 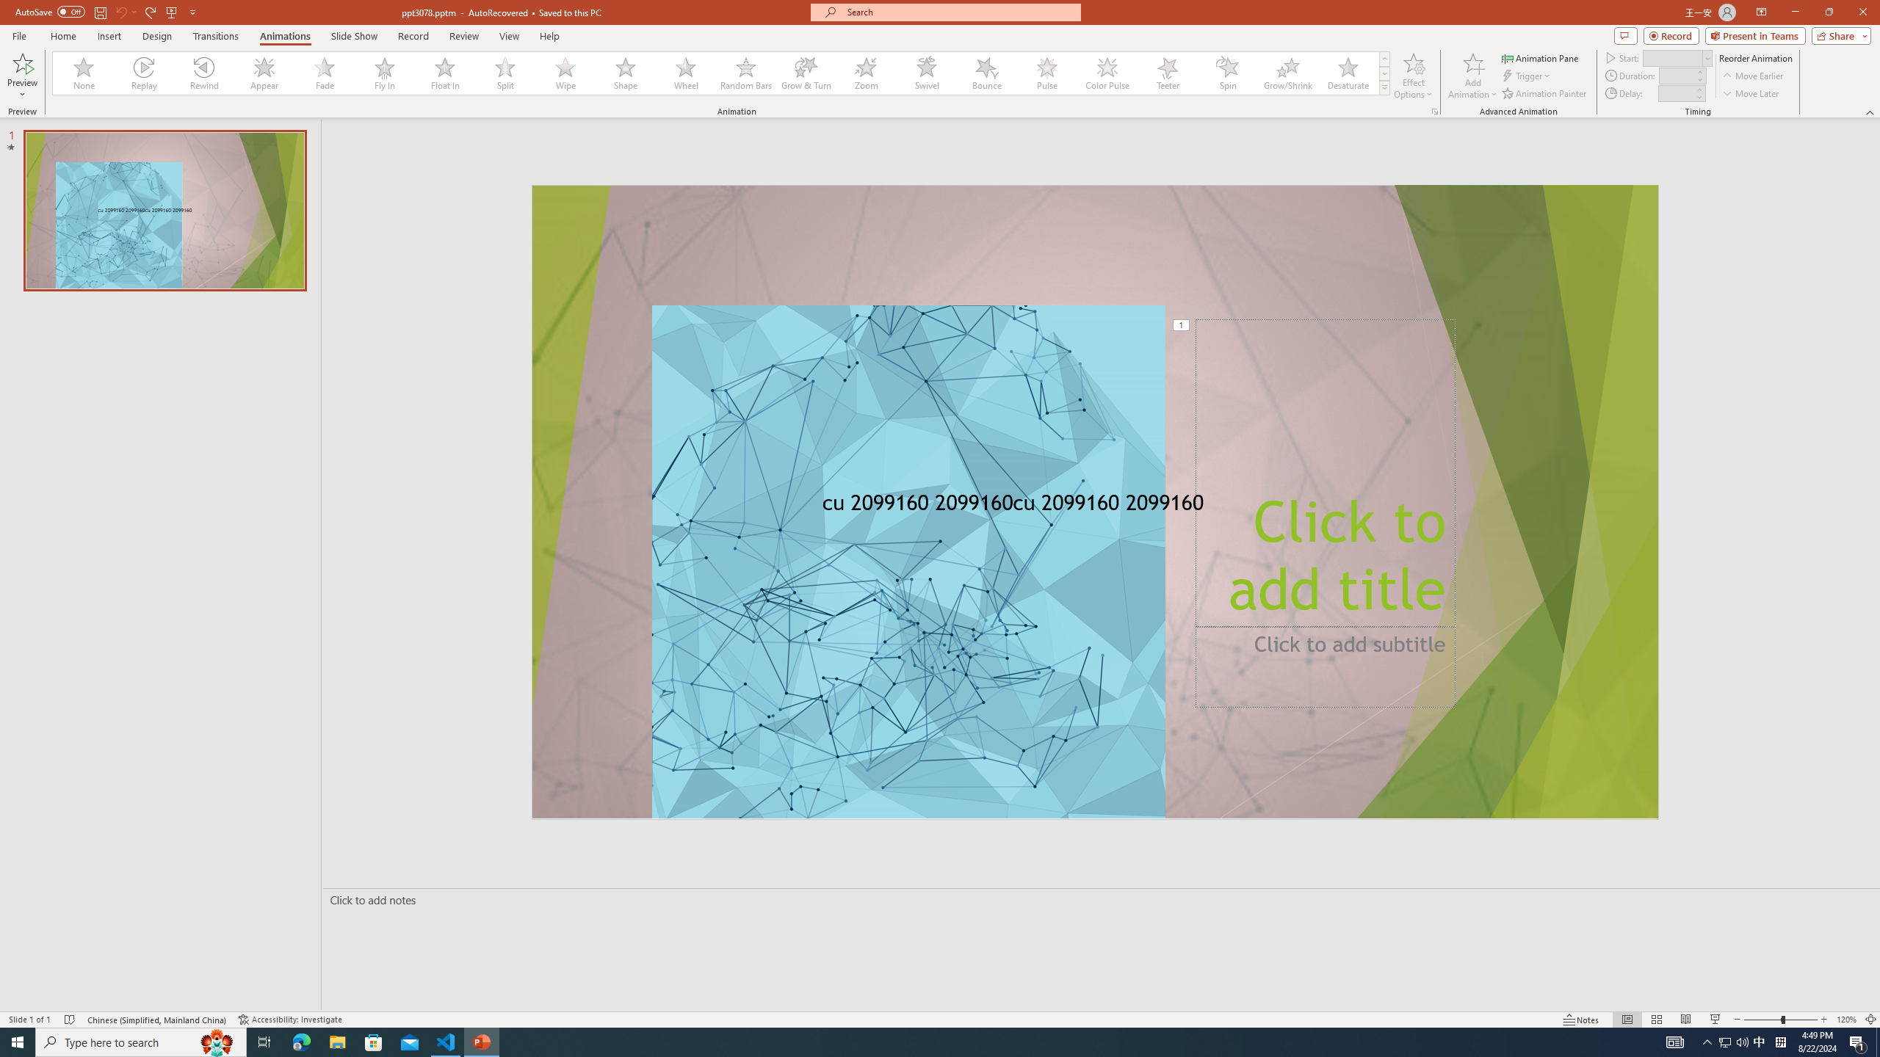 What do you see at coordinates (926, 73) in the screenshot?
I see `'Swivel'` at bounding box center [926, 73].